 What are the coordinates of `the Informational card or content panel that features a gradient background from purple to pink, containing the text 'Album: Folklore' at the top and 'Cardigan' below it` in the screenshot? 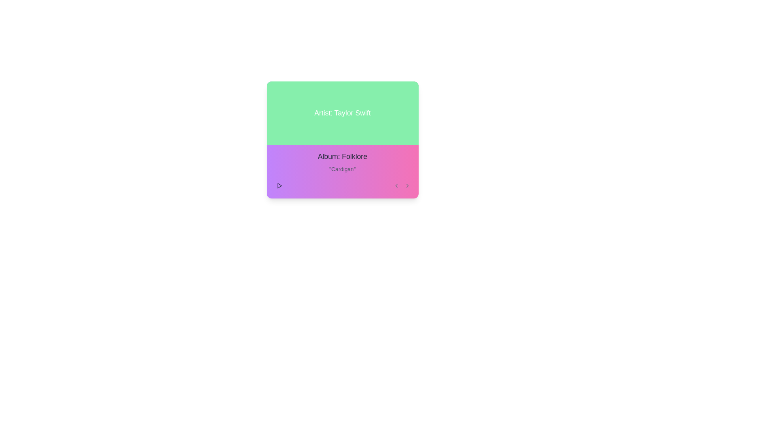 It's located at (342, 171).